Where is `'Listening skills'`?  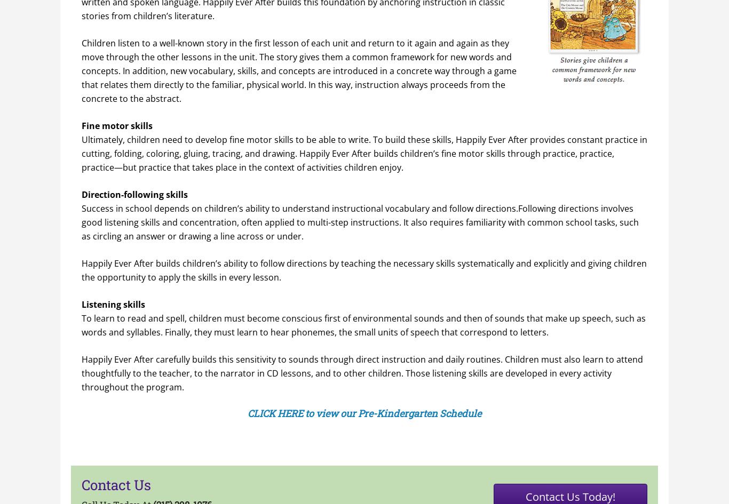
'Listening skills' is located at coordinates (113, 304).